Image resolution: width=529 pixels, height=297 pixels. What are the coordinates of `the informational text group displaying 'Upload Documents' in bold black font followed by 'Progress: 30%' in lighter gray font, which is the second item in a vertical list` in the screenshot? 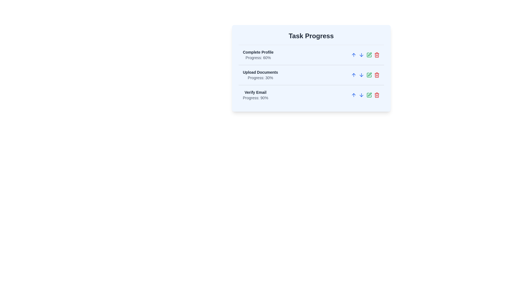 It's located at (260, 75).